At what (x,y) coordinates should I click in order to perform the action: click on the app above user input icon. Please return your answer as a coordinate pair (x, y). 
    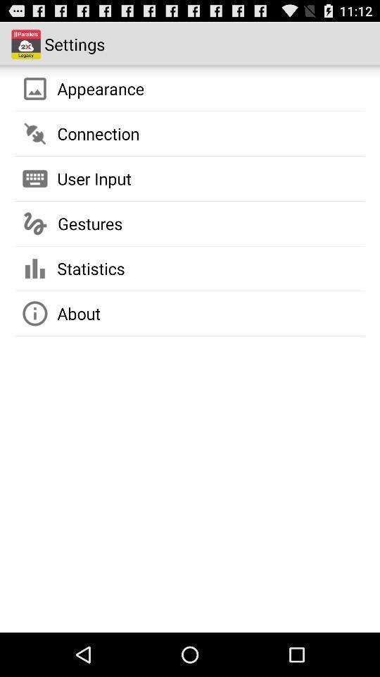
    Looking at the image, I should click on (97, 133).